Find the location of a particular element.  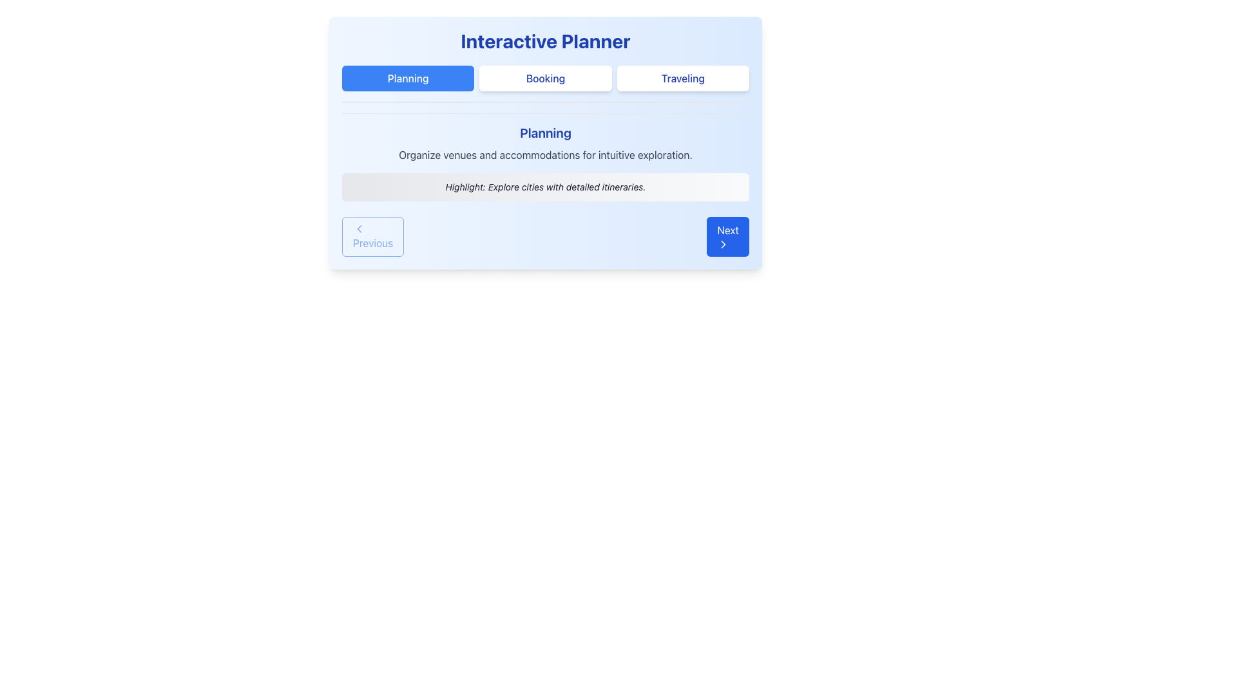

the 'Next' button which contains the navigation icon, located at the bottom-right side of the main interface is located at coordinates (724, 245).